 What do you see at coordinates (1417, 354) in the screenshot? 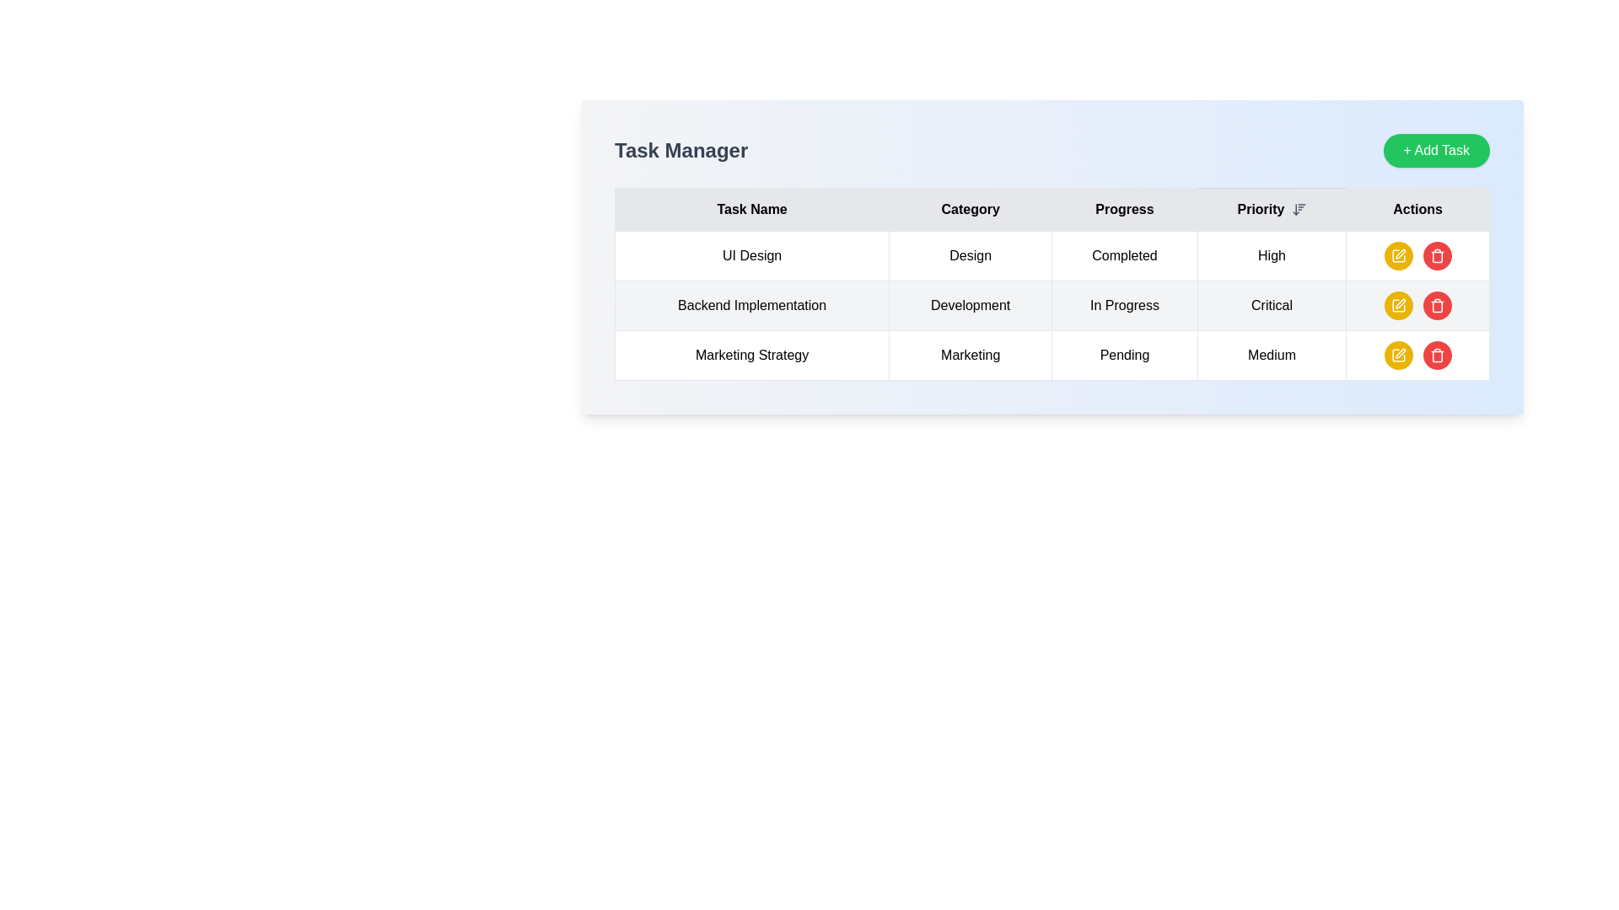
I see `the yellow button in the Interactive button group for the 'Marketing Strategy' task` at bounding box center [1417, 354].